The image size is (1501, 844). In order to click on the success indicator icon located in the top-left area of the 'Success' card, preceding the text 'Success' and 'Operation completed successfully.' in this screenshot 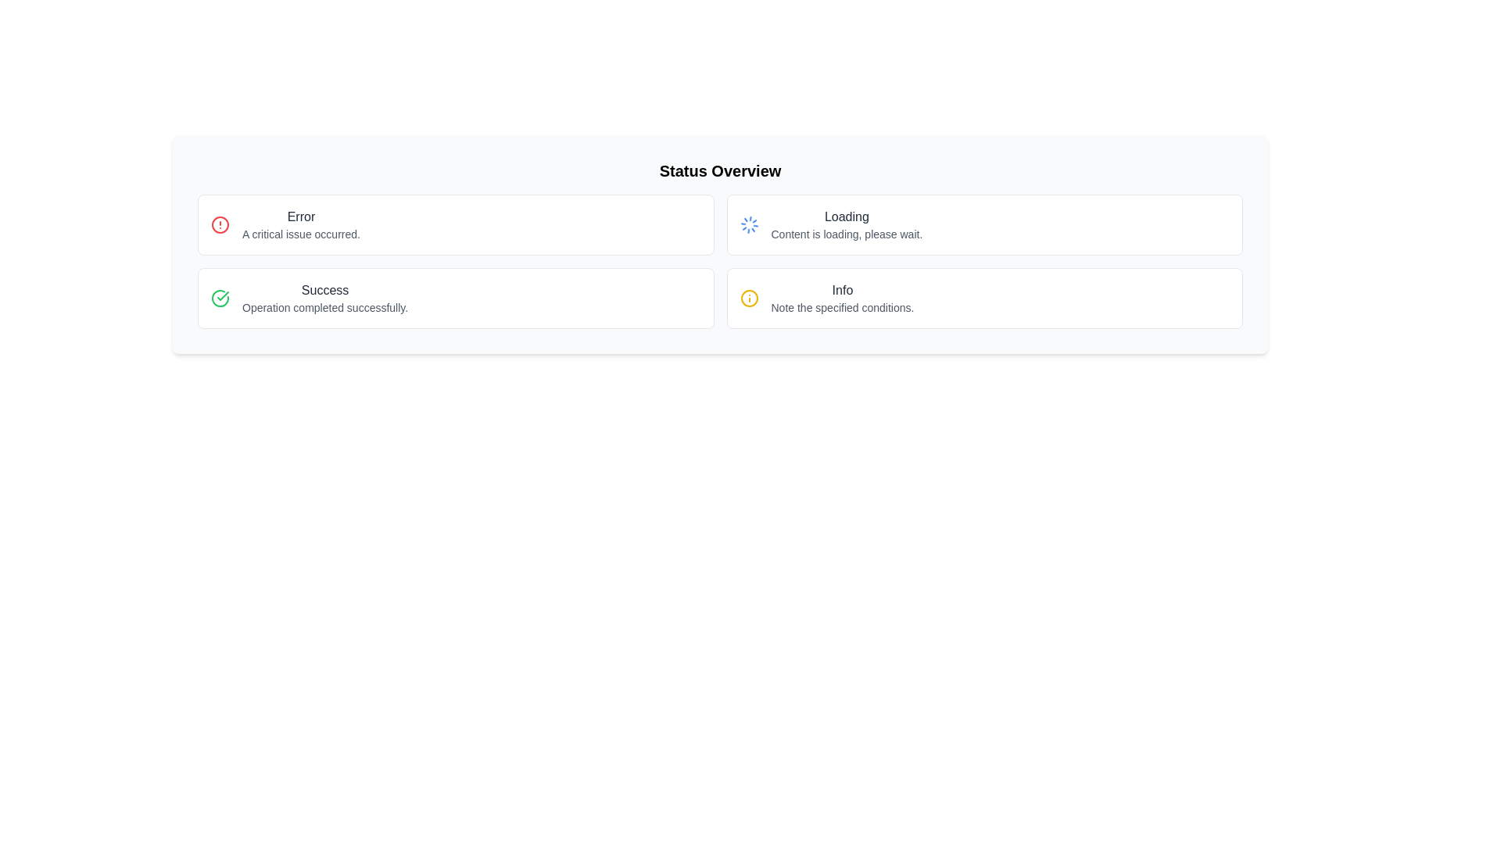, I will do `click(220, 298)`.